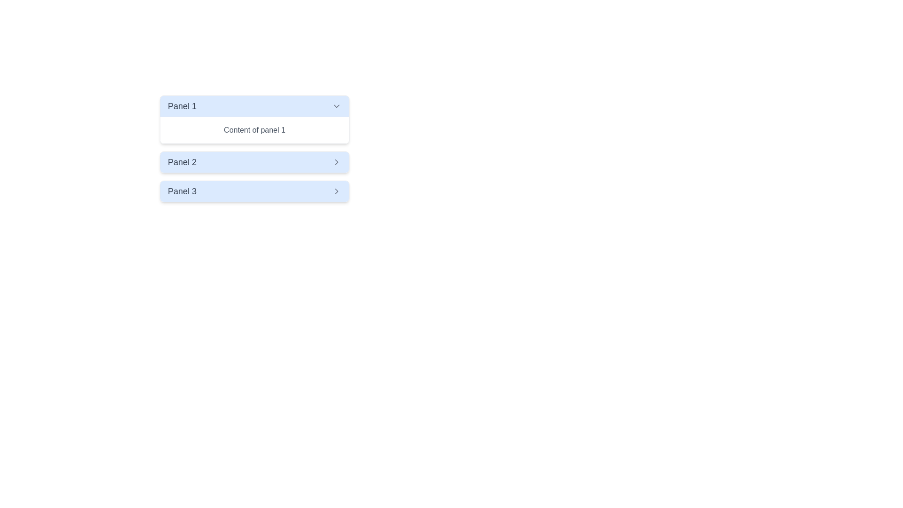 The width and height of the screenshot is (903, 508). I want to click on the Text Label that identifies the third panel in a list of collapsible panels, so click(182, 191).